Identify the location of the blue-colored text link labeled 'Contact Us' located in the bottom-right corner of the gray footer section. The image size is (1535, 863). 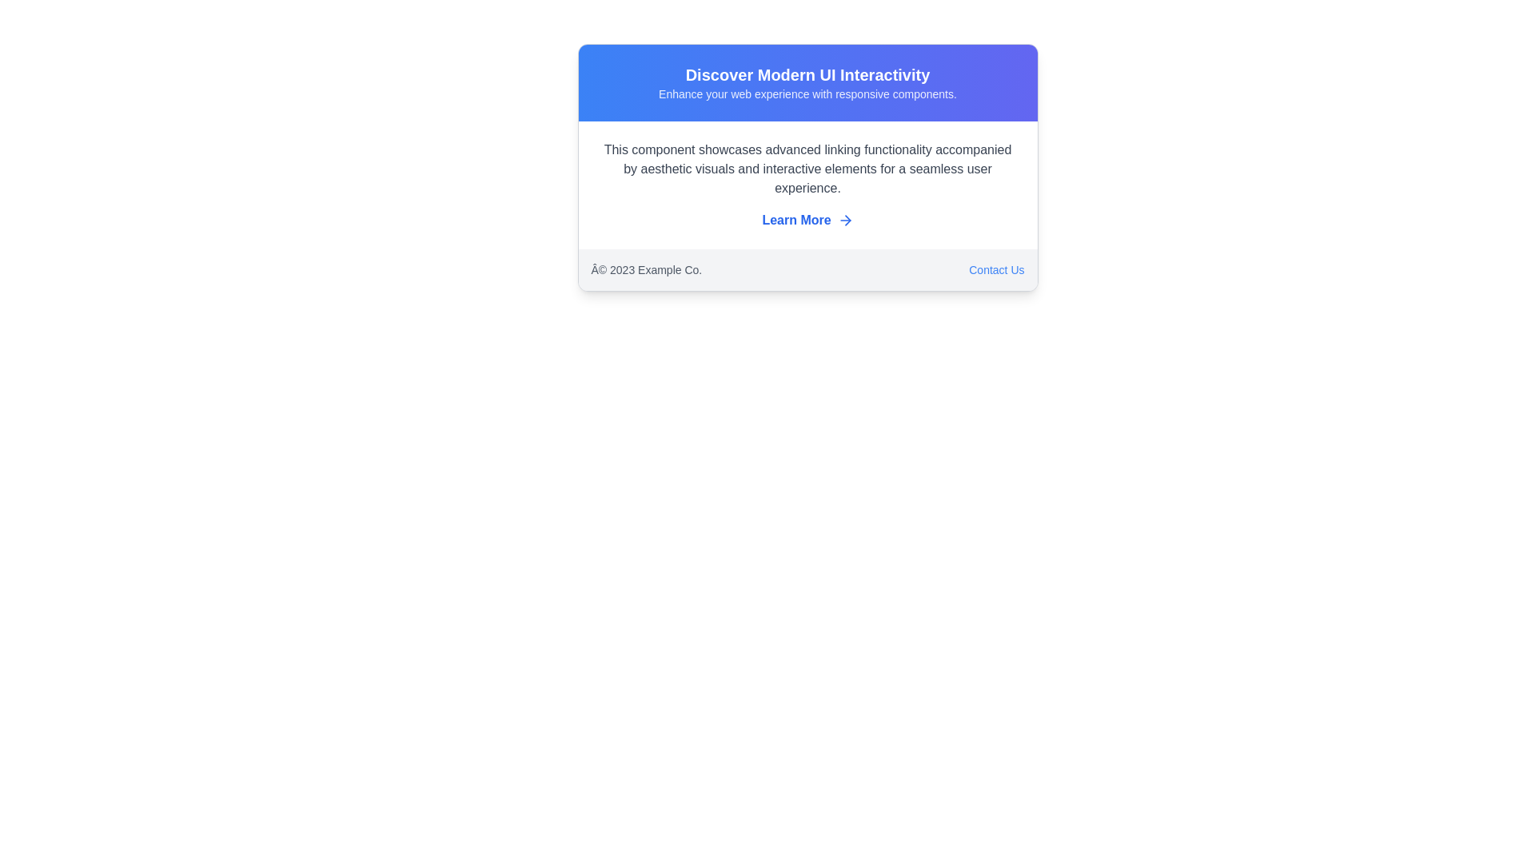
(995, 269).